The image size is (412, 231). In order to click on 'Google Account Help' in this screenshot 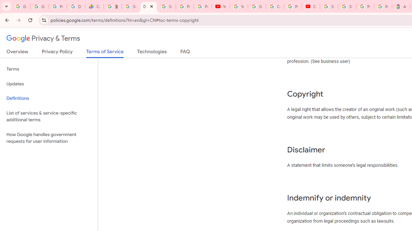, I will do `click(257, 6)`.